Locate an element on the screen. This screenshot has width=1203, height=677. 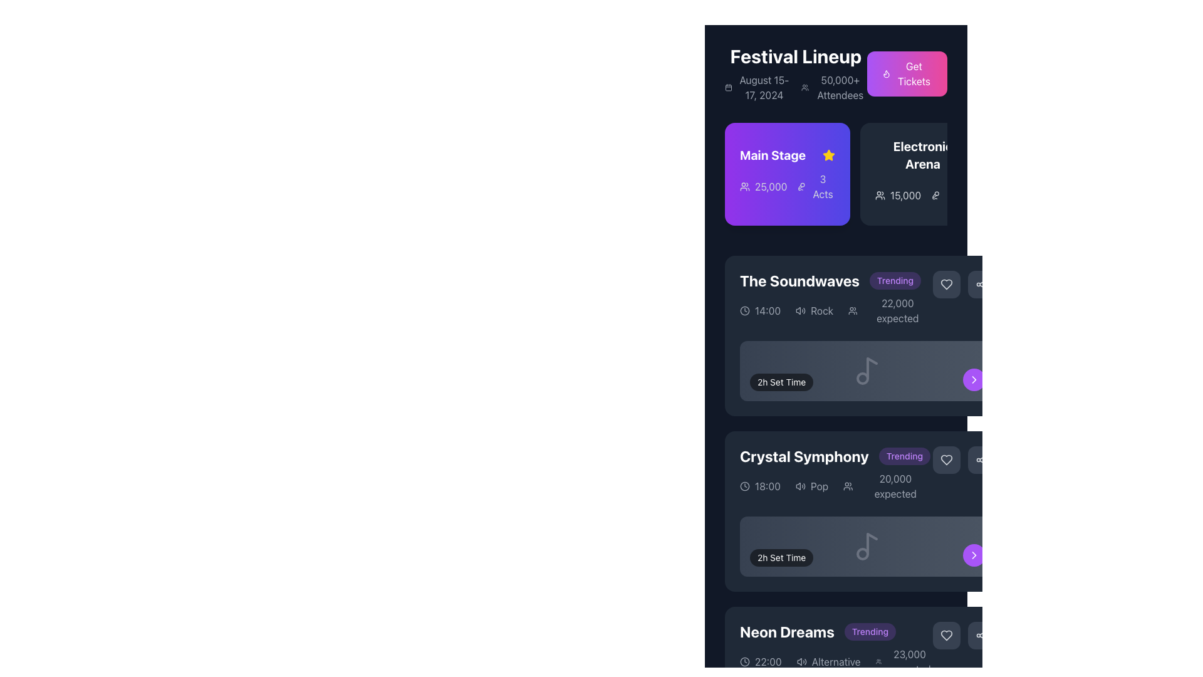
the yellow star icon that indicates a rating or marker, located beside its textual description within the event details section is located at coordinates (829, 154).